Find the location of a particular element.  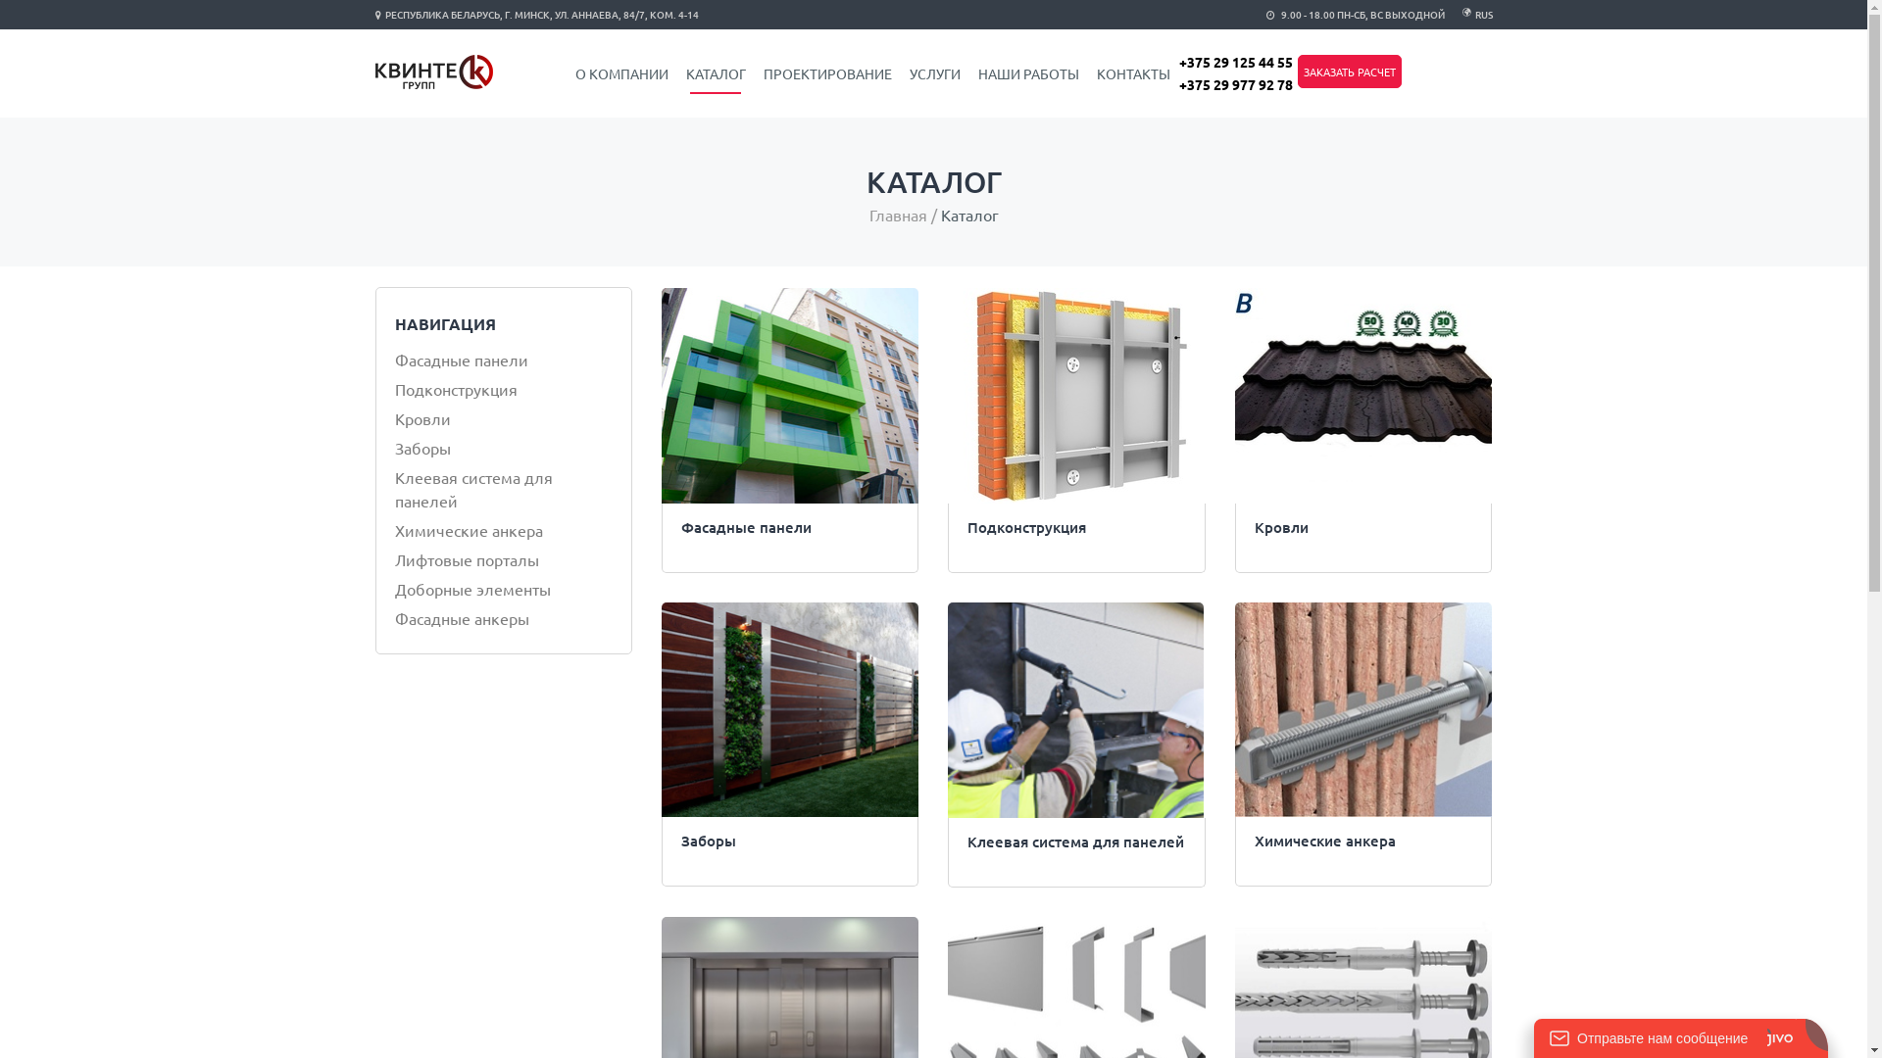

'+375 29 125 44 55' is located at coordinates (1233, 60).